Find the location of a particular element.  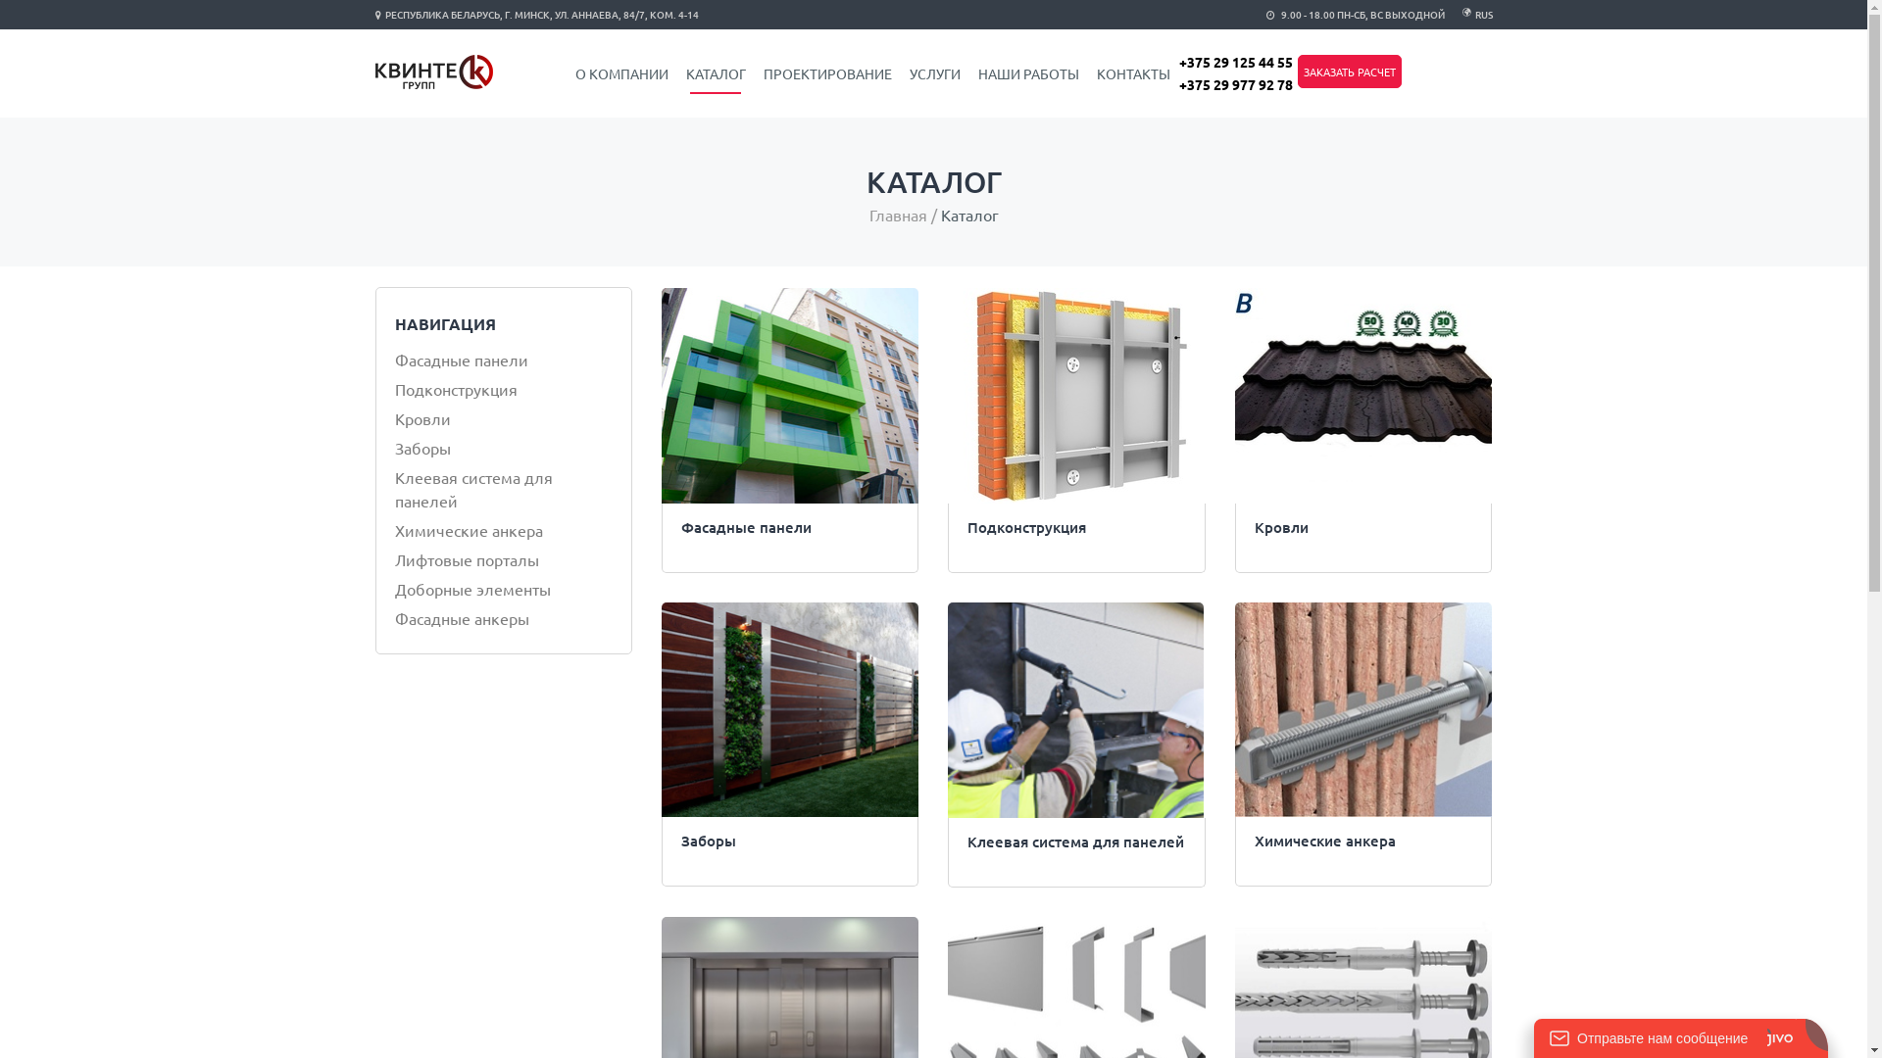

'+375 29 125 44 55' is located at coordinates (1233, 60).